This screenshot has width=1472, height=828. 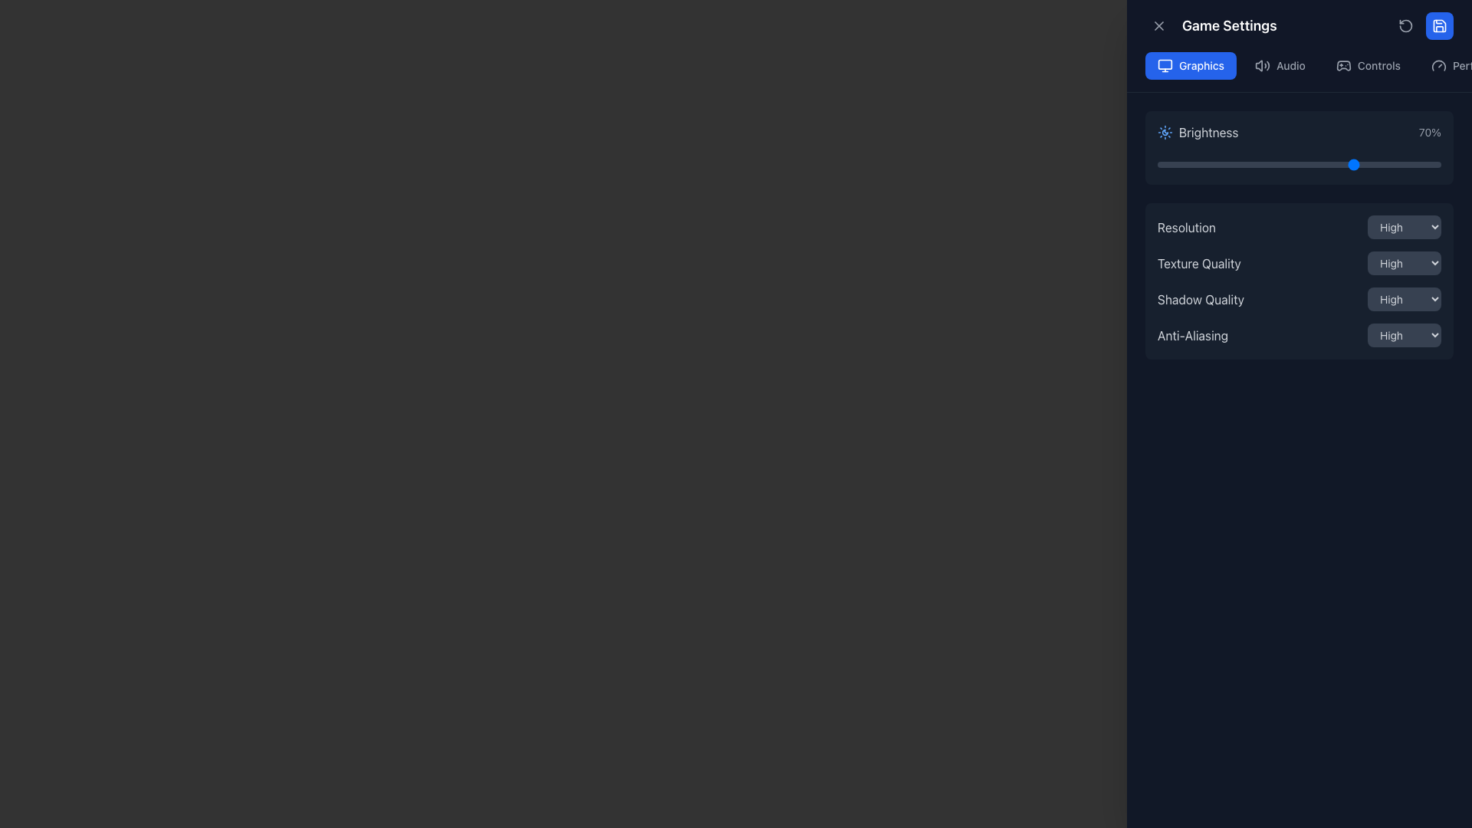 I want to click on the 'Shadow Quality' label, which displays white text on a dark blue background, positioned in the top right section of the interface under the 'Graphics' settings list, so click(x=1200, y=299).